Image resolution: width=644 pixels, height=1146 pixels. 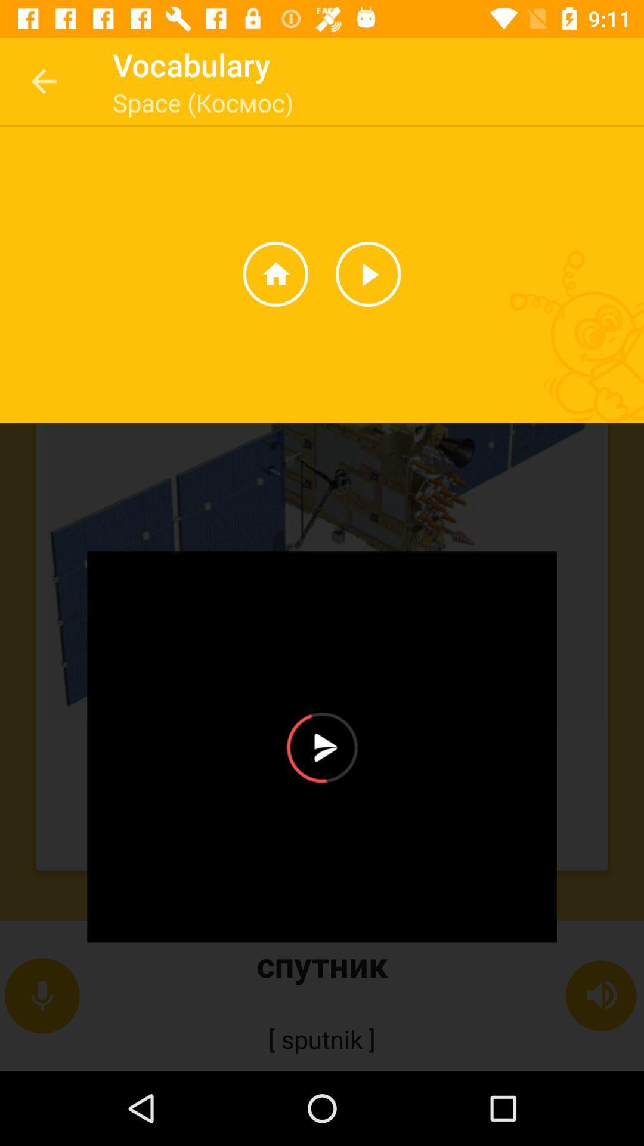 I want to click on the microphone icon, so click(x=41, y=996).